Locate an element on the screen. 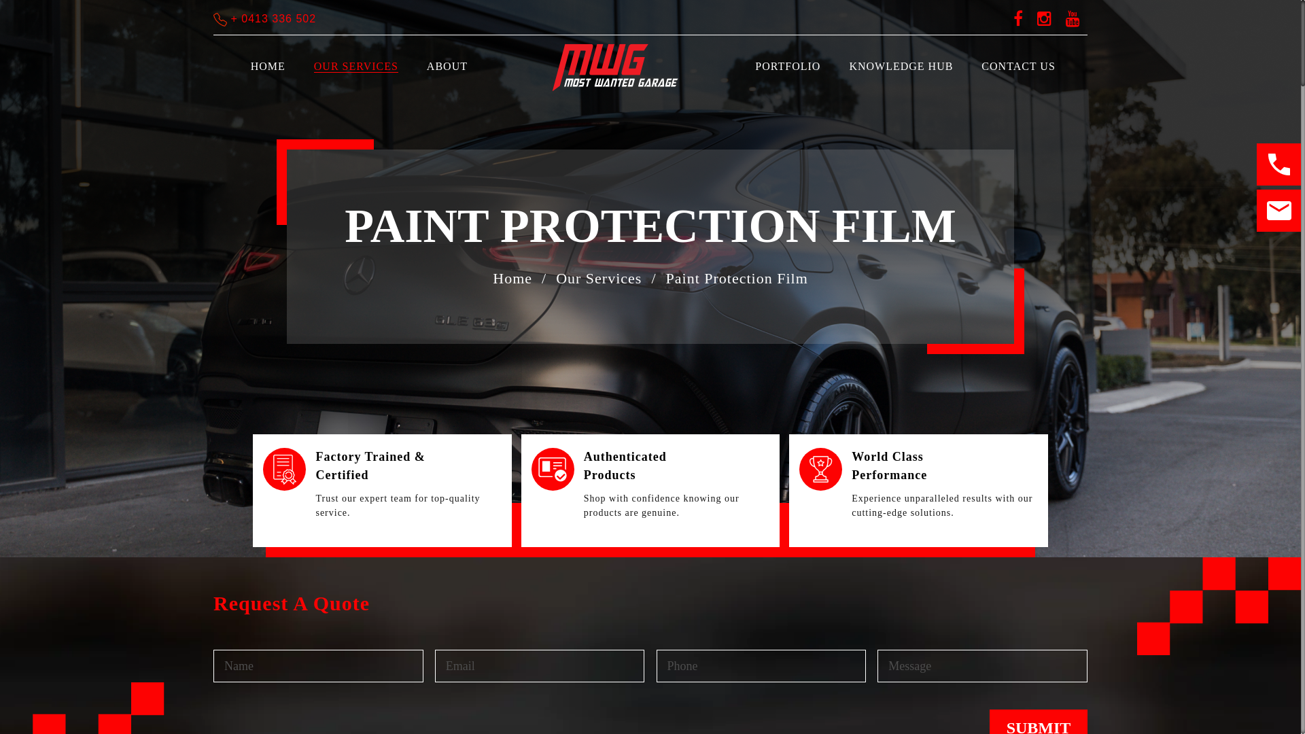  'KNOWLEDGE HUB' is located at coordinates (901, 66).